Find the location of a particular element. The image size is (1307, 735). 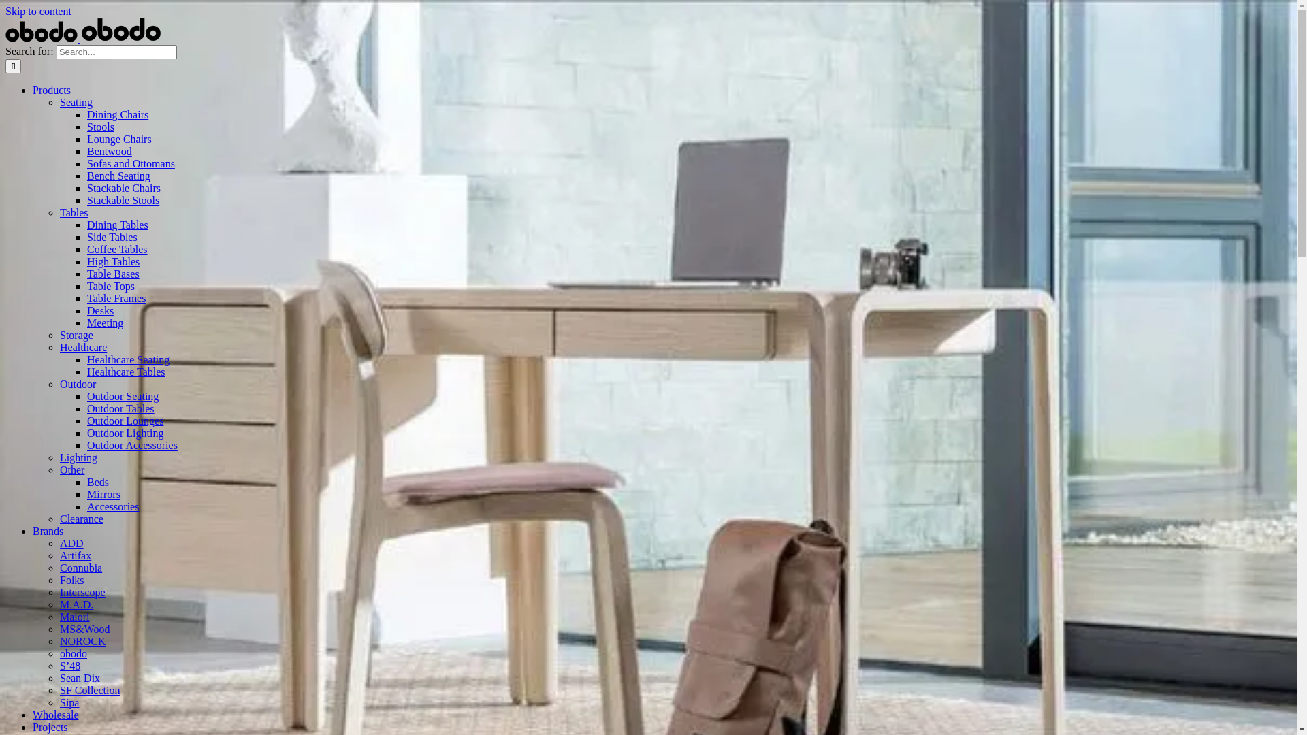

'Desks' is located at coordinates (86, 310).